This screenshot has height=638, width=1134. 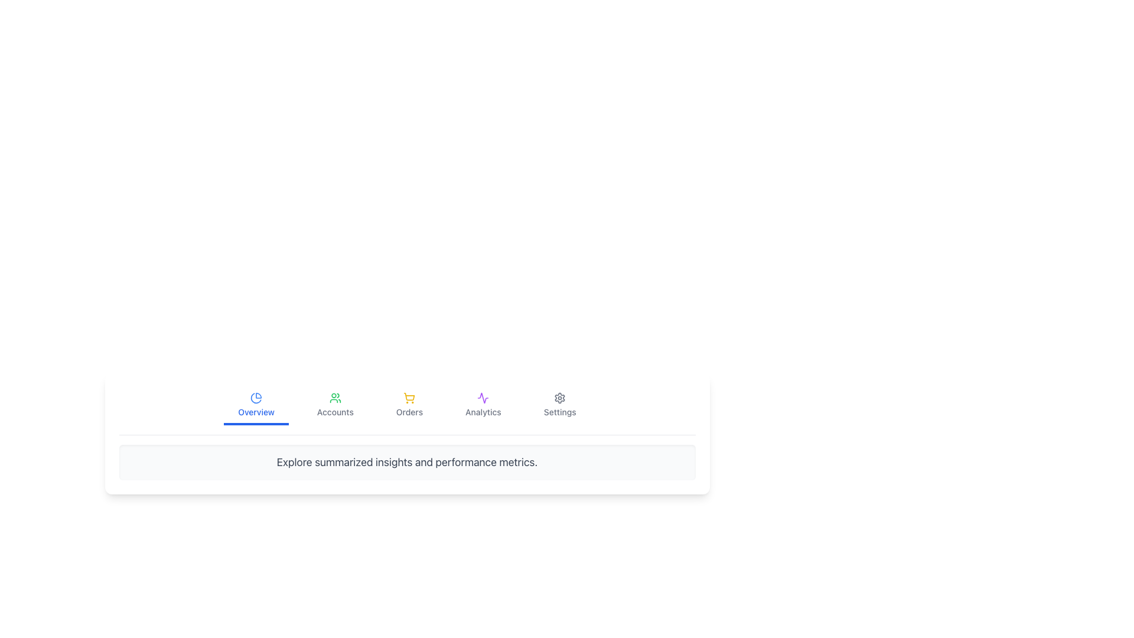 What do you see at coordinates (409, 405) in the screenshot?
I see `the 'Orders' navigation button, which is the third item in the bottom center horizontal menu, positioned between 'Accounts' and 'Analytics'` at bounding box center [409, 405].